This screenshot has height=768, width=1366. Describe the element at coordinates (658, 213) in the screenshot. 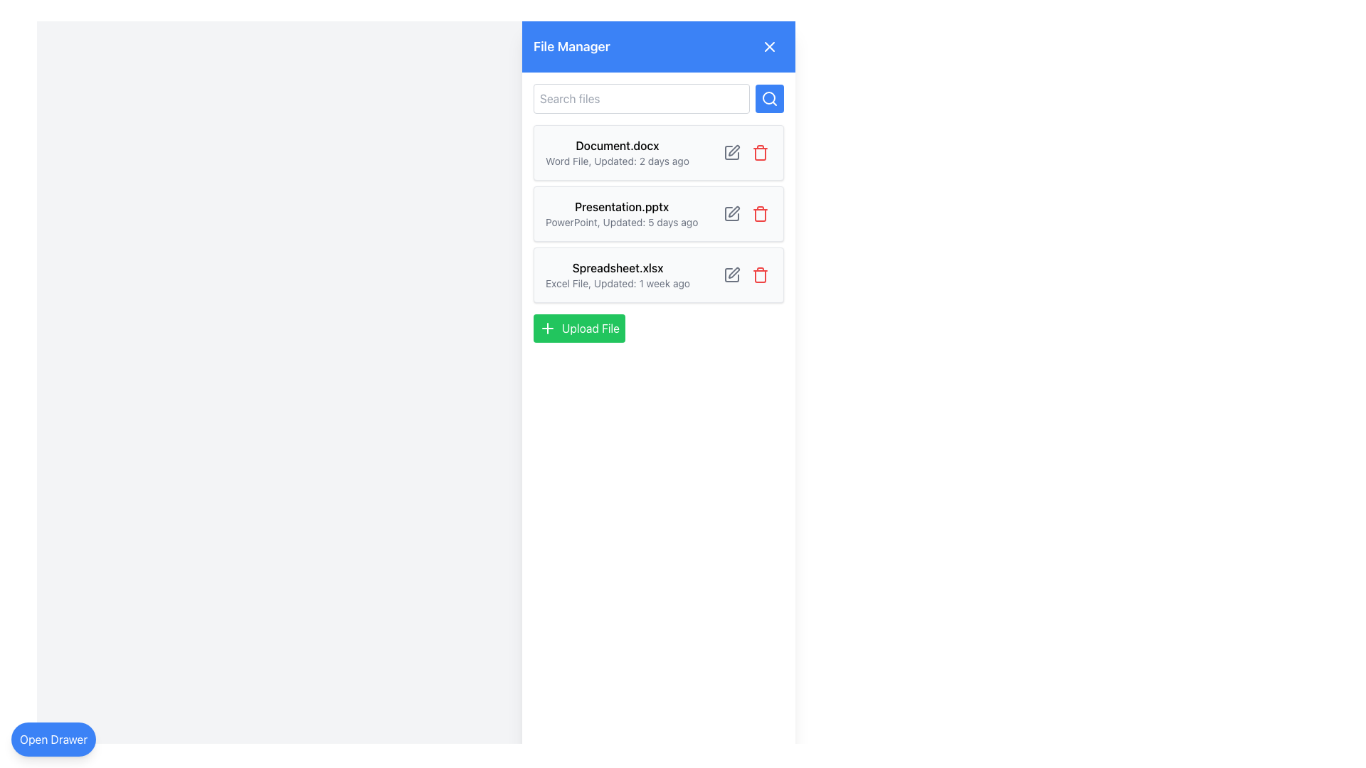

I see `the list item labeled 'Presentation.pptx' in the file manager` at that location.